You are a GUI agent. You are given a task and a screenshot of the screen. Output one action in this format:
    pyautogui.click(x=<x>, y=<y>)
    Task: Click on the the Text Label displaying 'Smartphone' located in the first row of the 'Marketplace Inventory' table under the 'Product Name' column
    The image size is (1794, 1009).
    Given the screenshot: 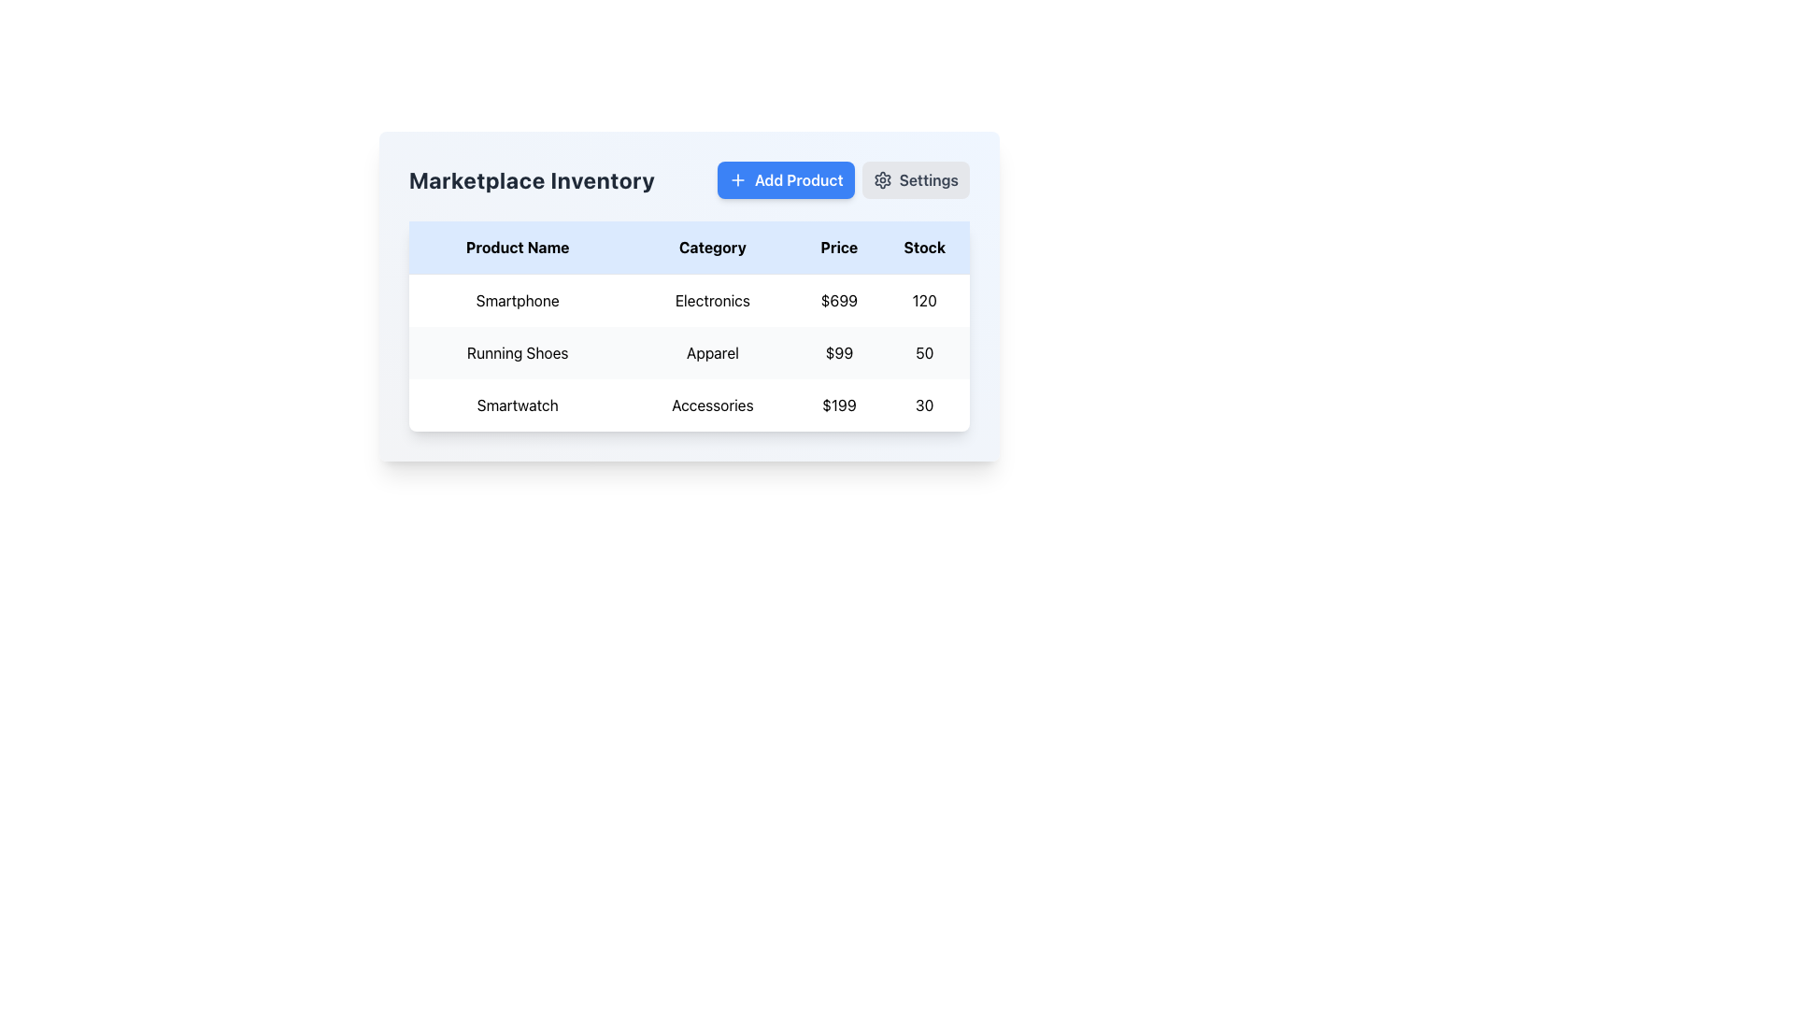 What is the action you would take?
    pyautogui.click(x=518, y=299)
    